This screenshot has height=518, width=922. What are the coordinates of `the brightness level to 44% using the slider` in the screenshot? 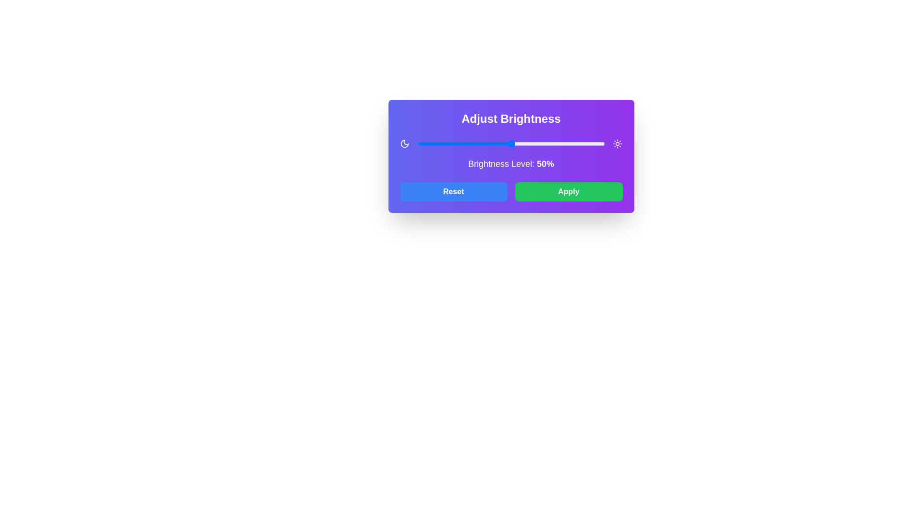 It's located at (499, 144).